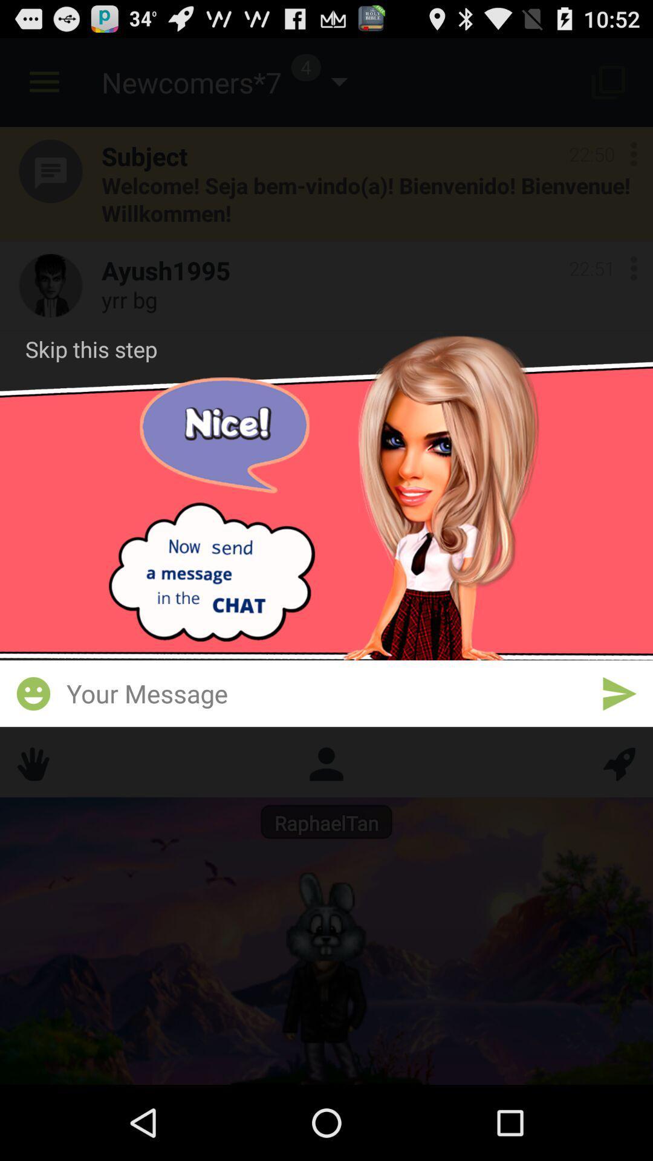 This screenshot has height=1161, width=653. I want to click on send message, so click(619, 694).